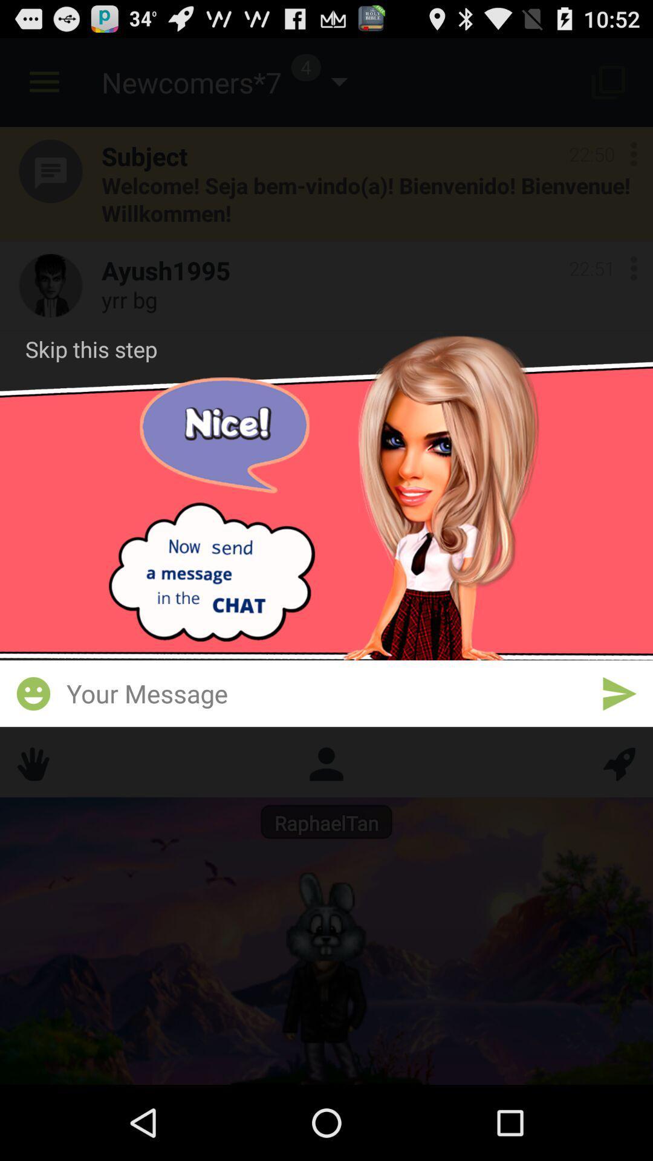 This screenshot has height=1161, width=653. I want to click on send message, so click(619, 694).